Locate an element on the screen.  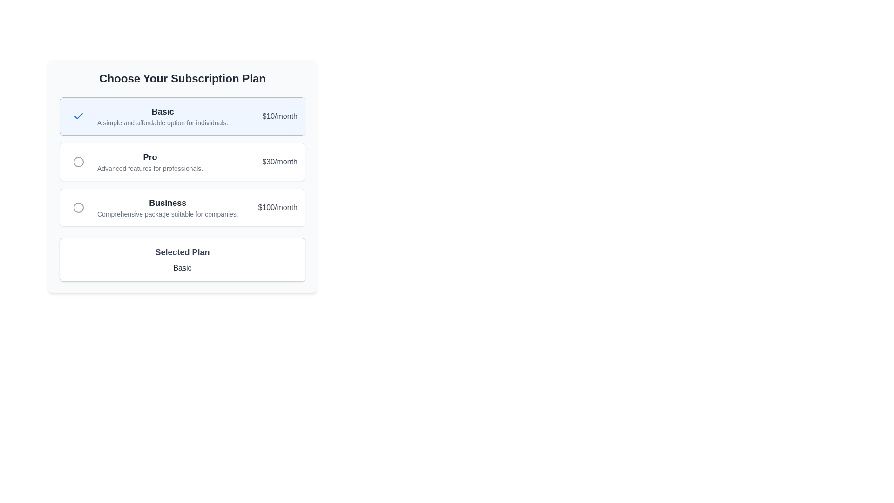
the text label displaying 'Selected Plan Basic', which indicates the currently selected subscription plan is located at coordinates (183, 268).